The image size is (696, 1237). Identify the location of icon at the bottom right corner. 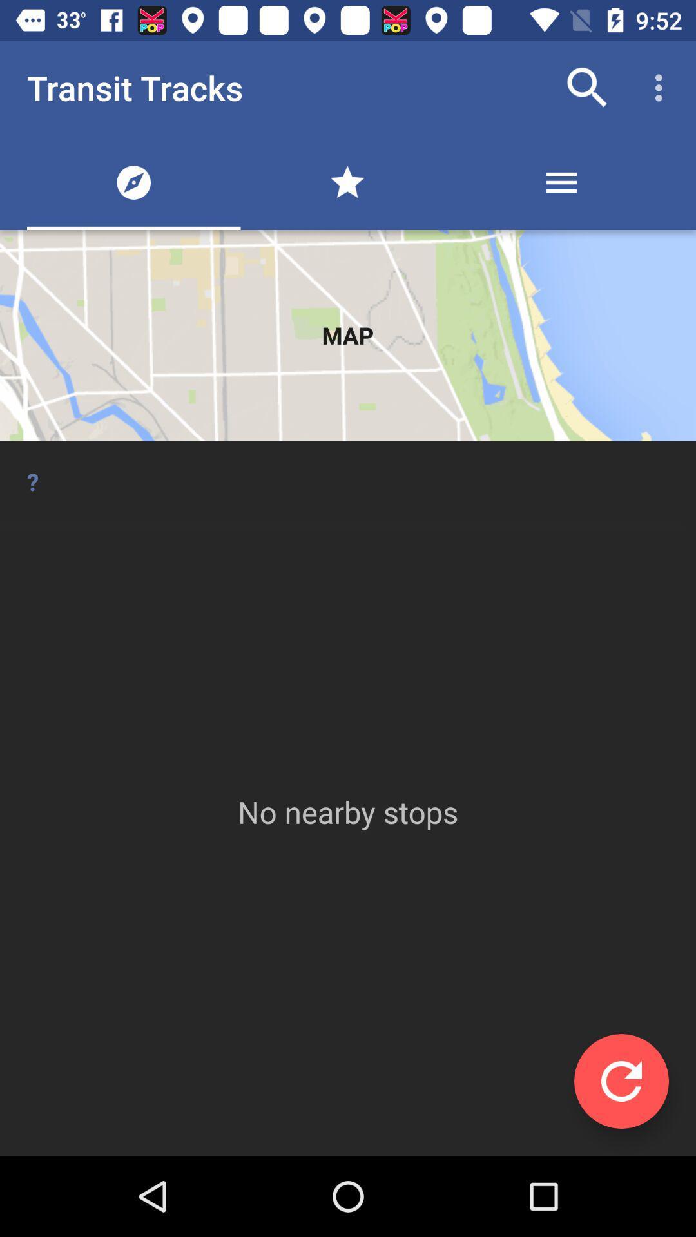
(621, 1081).